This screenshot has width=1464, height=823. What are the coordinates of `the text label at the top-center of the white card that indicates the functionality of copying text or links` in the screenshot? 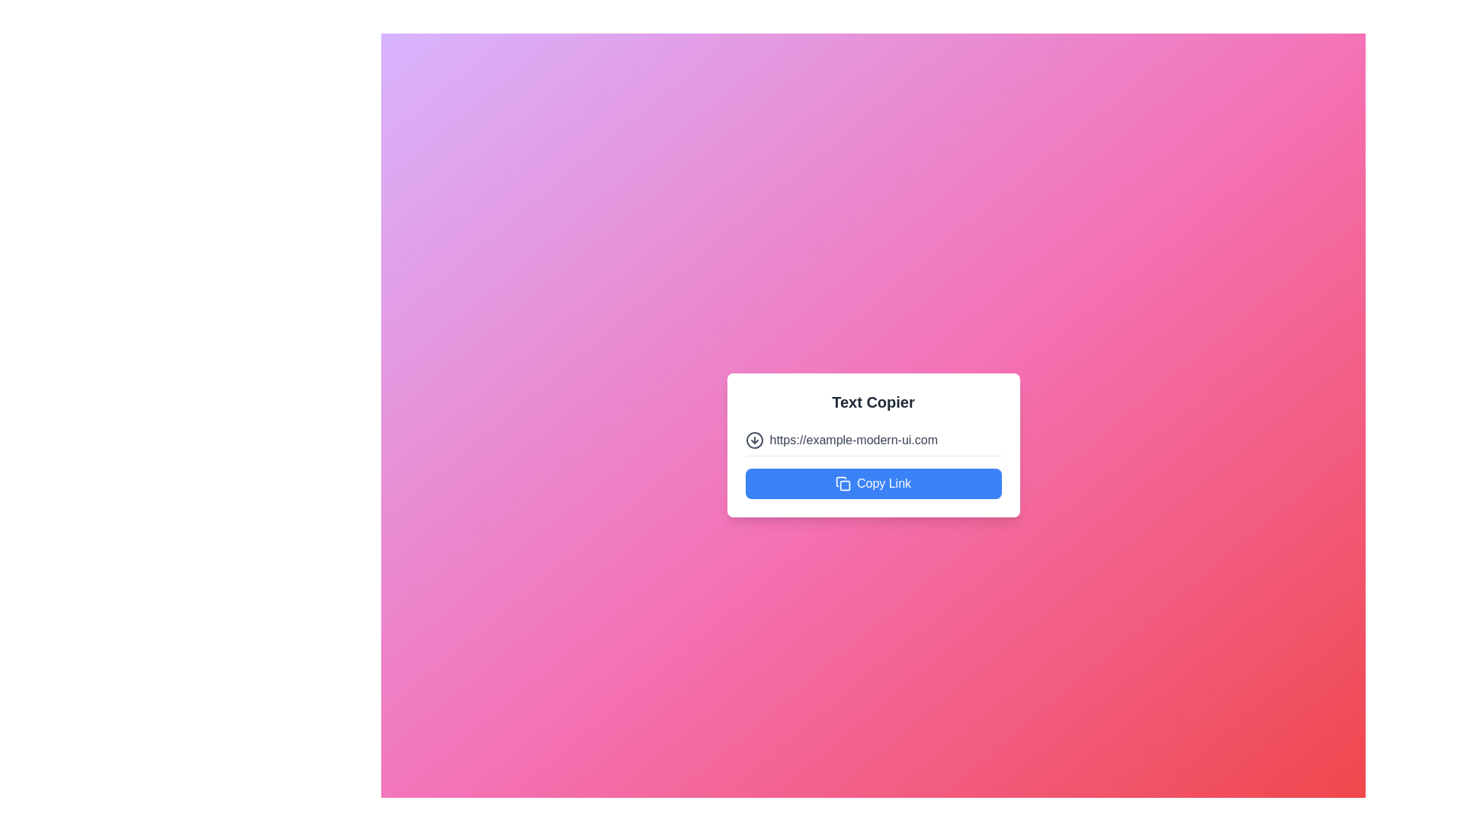 It's located at (873, 401).